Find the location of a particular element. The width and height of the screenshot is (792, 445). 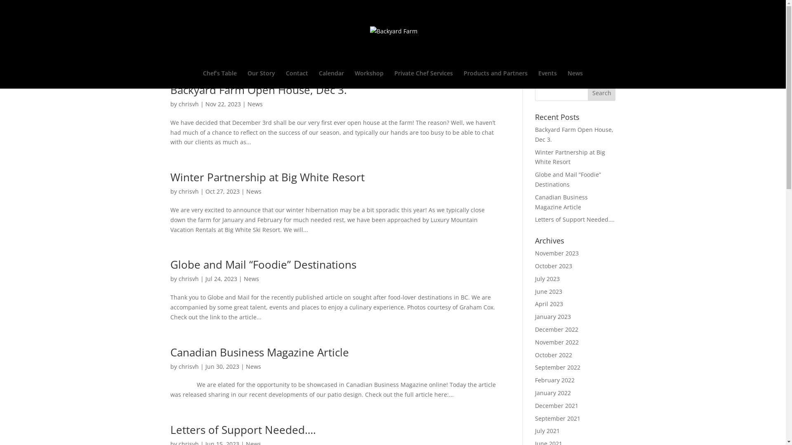

'June 2023' is located at coordinates (548, 291).